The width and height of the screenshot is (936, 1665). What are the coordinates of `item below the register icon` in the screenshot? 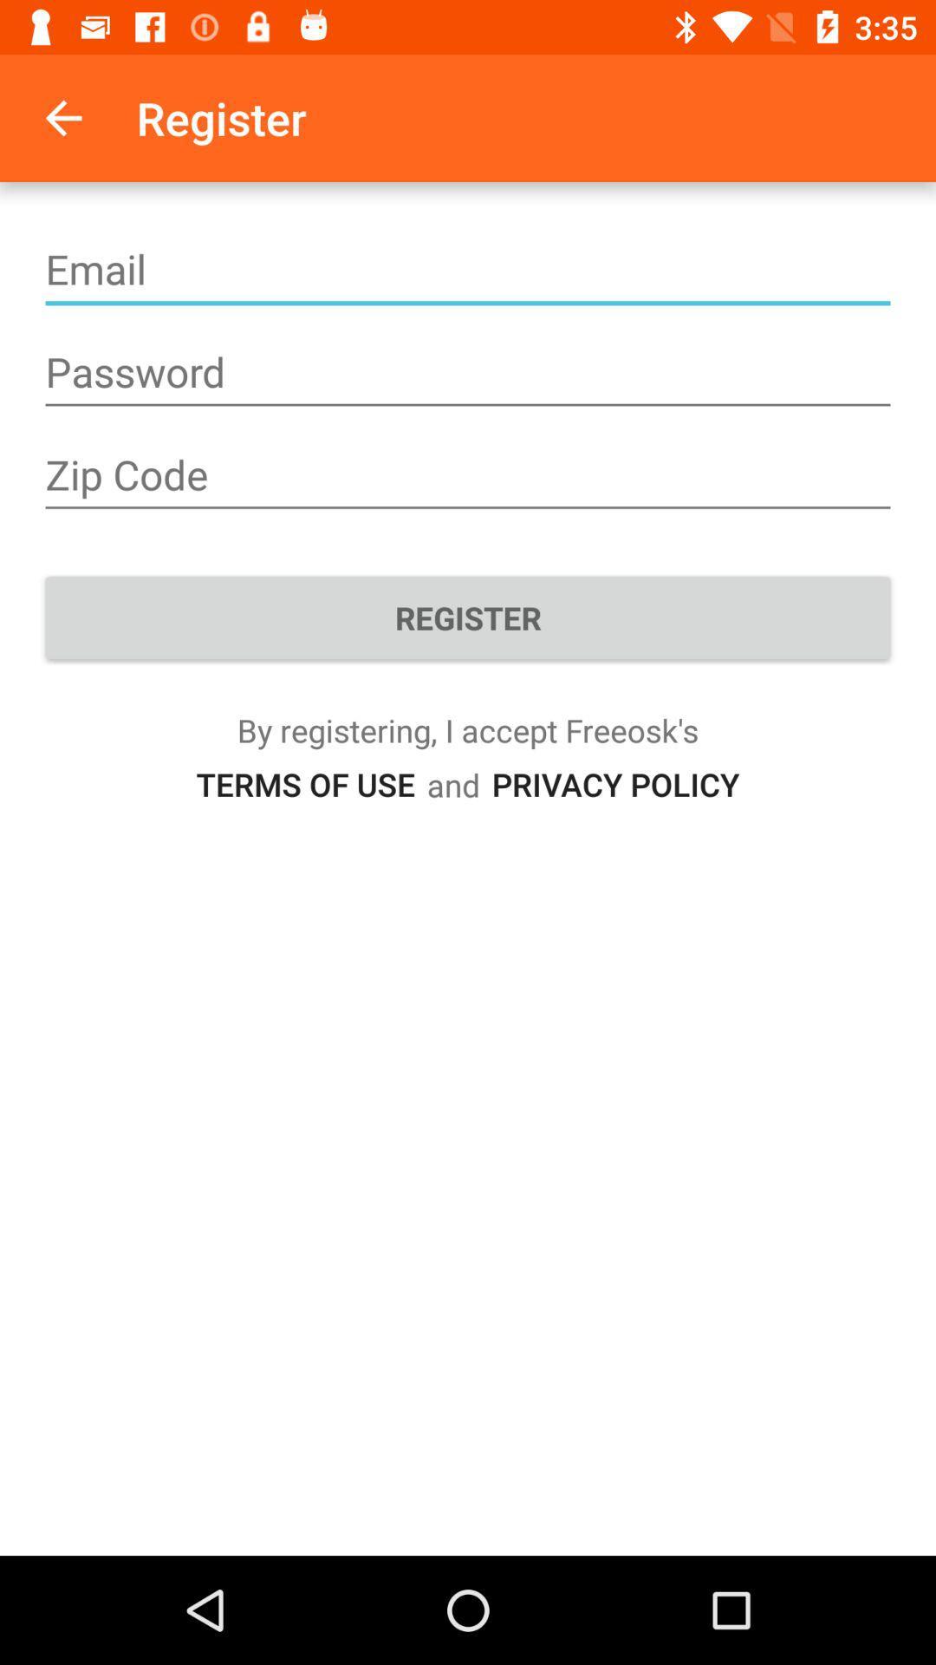 It's located at (304, 783).